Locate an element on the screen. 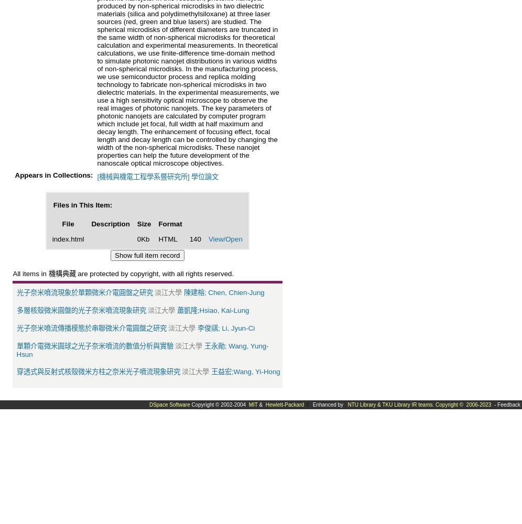 The height and width of the screenshot is (524, 522). '[機械與機電工程學系暨研究所] 學位論文' is located at coordinates (157, 176).